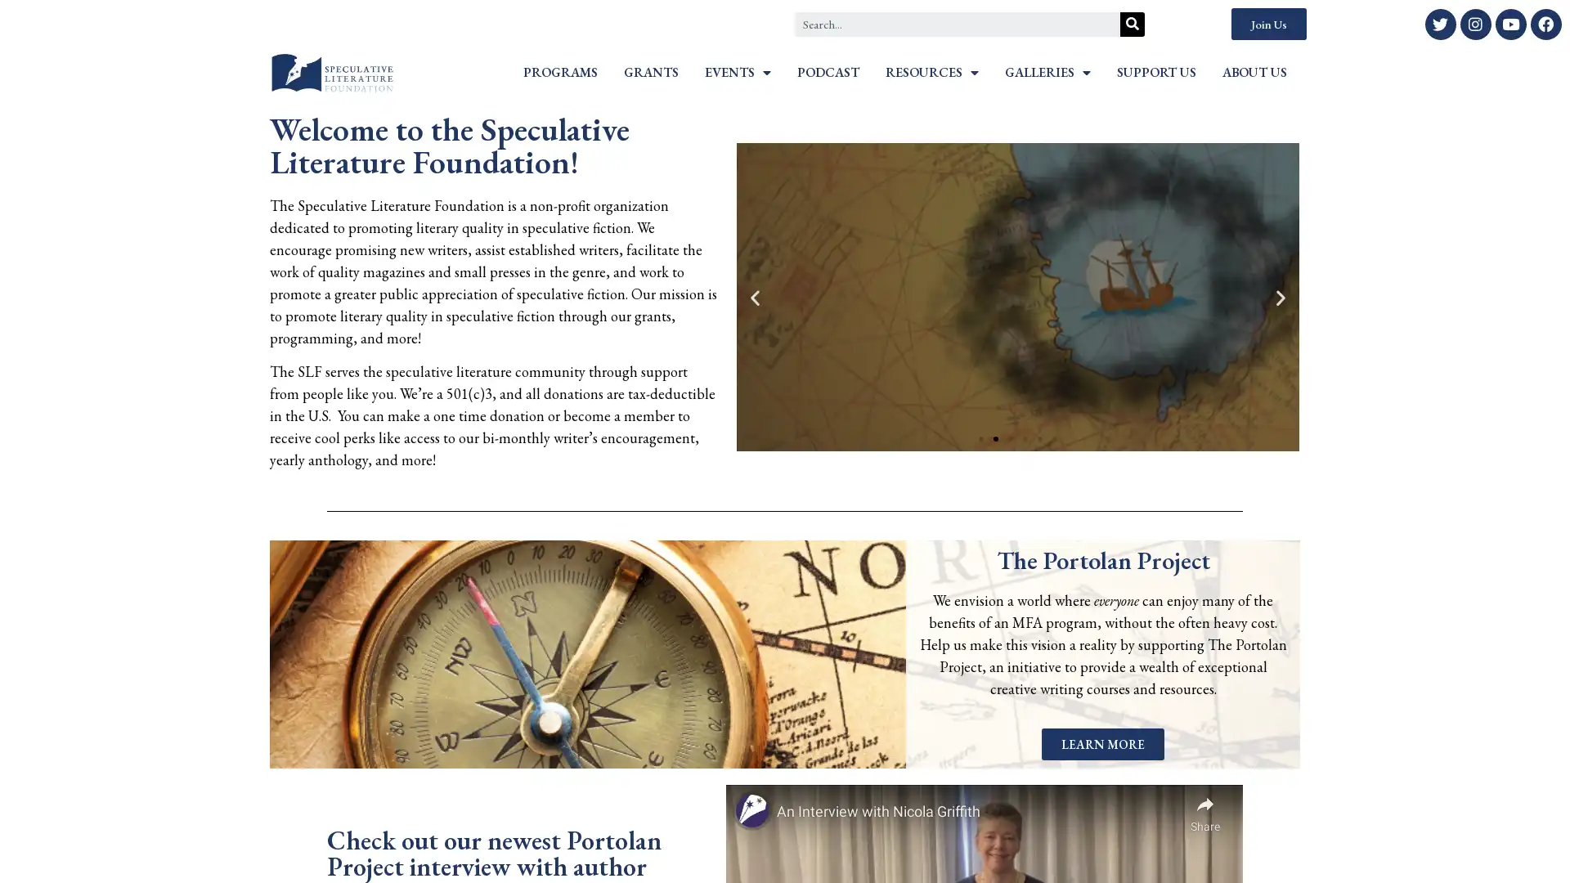 This screenshot has width=1570, height=883. Describe the element at coordinates (1024, 437) in the screenshot. I see `Go to slide 4` at that location.